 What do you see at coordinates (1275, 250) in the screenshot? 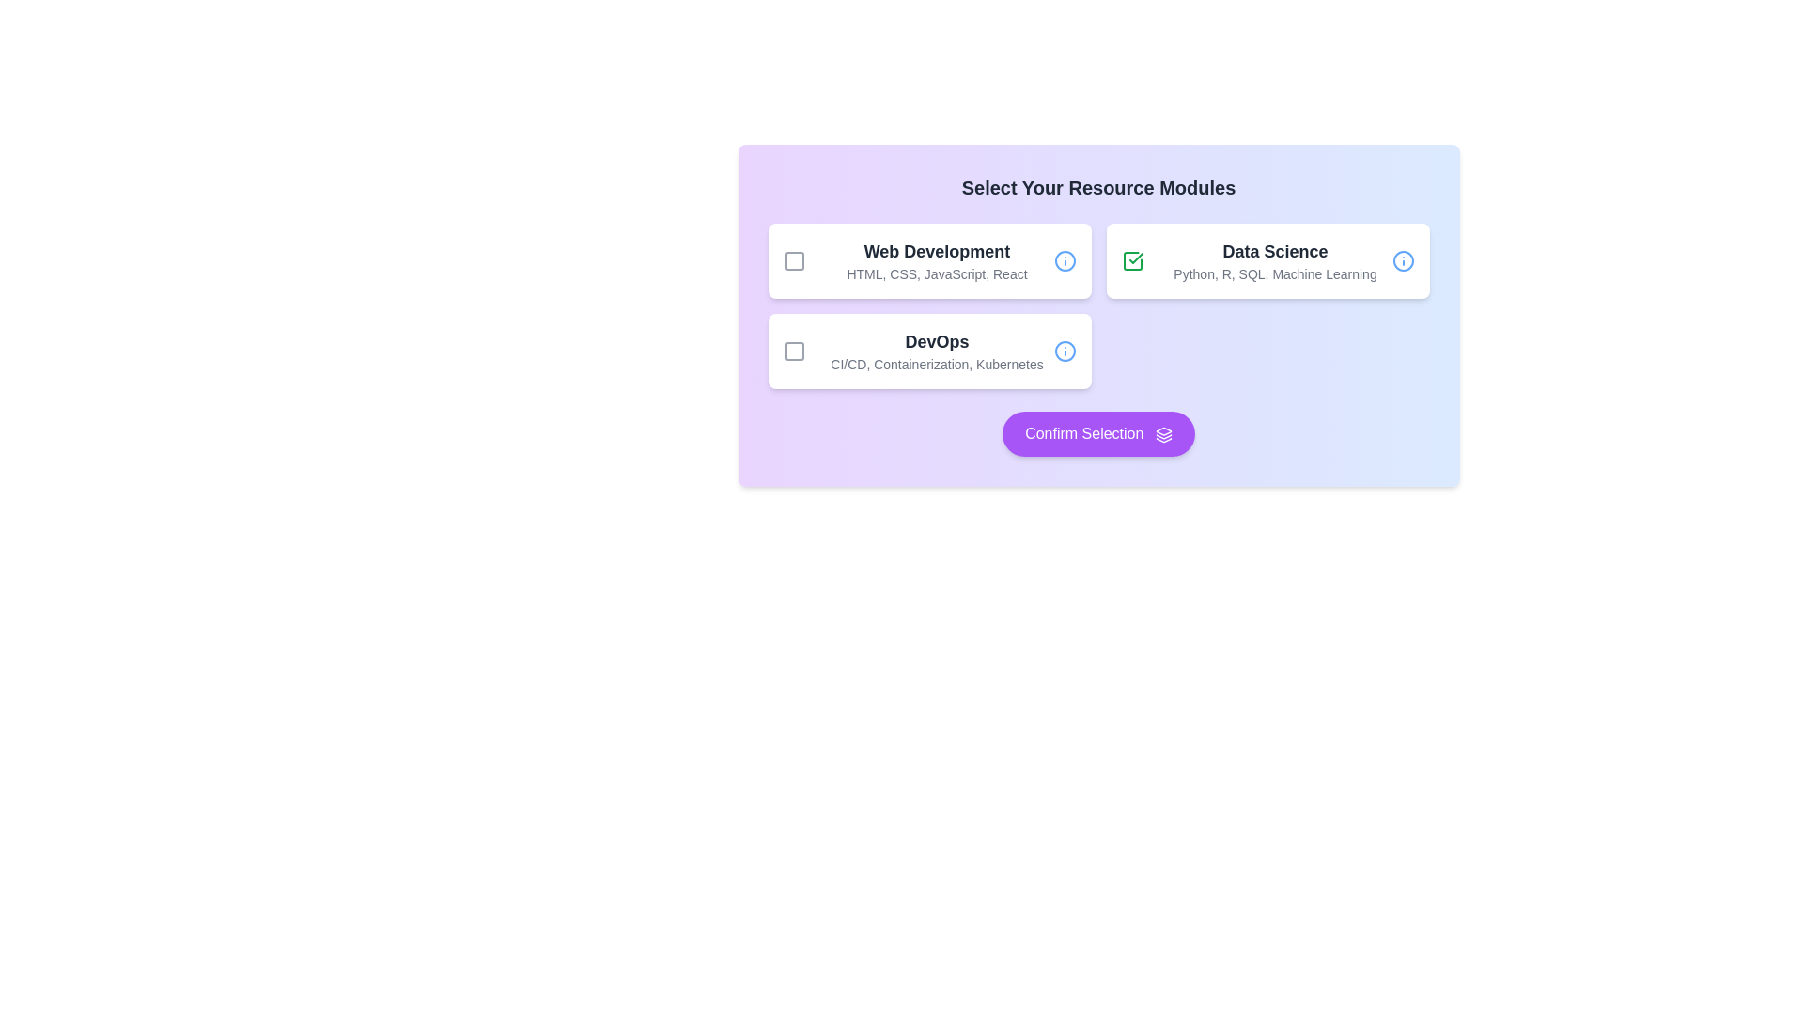
I see `the title or heading text element located in the second card from the top in the center column, above the descriptive text 'Python, R, SQL, Machine Learning'` at bounding box center [1275, 250].